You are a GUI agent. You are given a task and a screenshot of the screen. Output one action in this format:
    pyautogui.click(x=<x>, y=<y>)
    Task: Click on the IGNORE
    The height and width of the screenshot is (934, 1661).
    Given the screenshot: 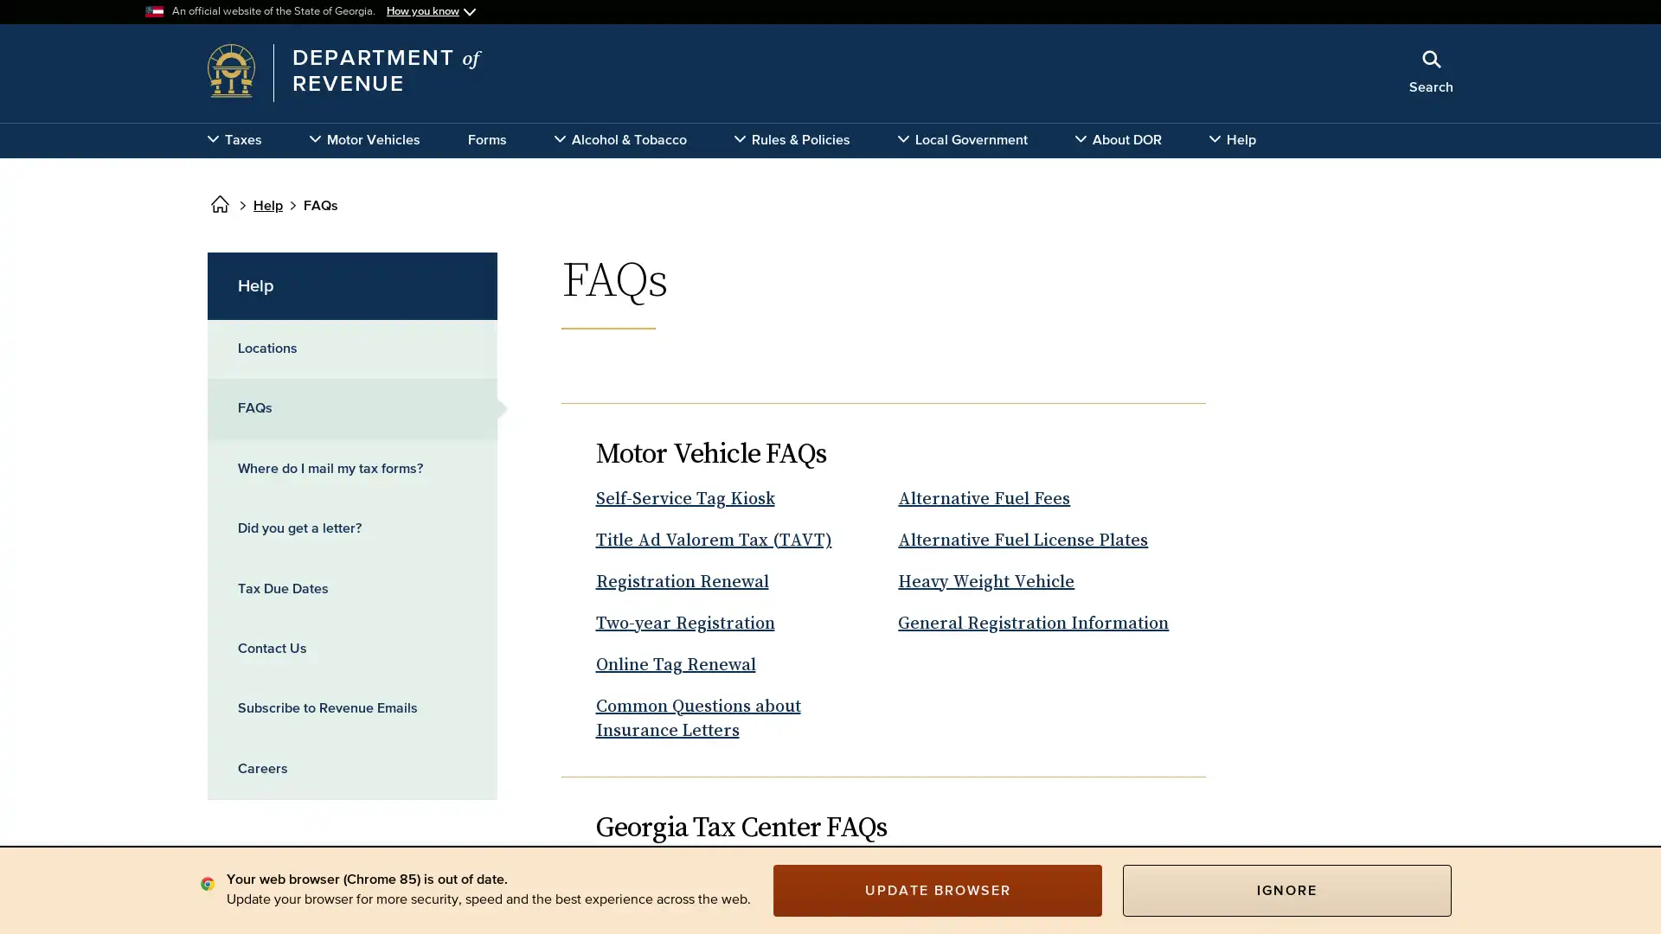 What is the action you would take?
    pyautogui.click(x=1287, y=890)
    